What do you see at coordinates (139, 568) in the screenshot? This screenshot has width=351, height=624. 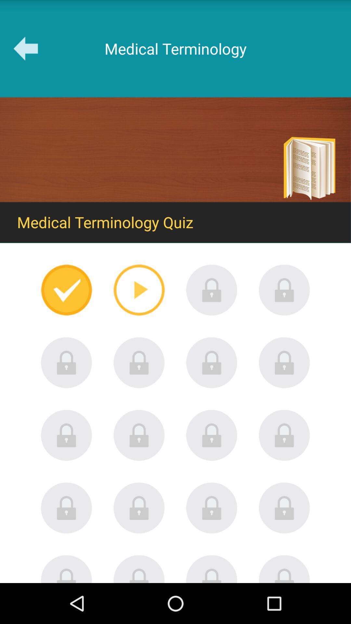 I see `locked question` at bounding box center [139, 568].